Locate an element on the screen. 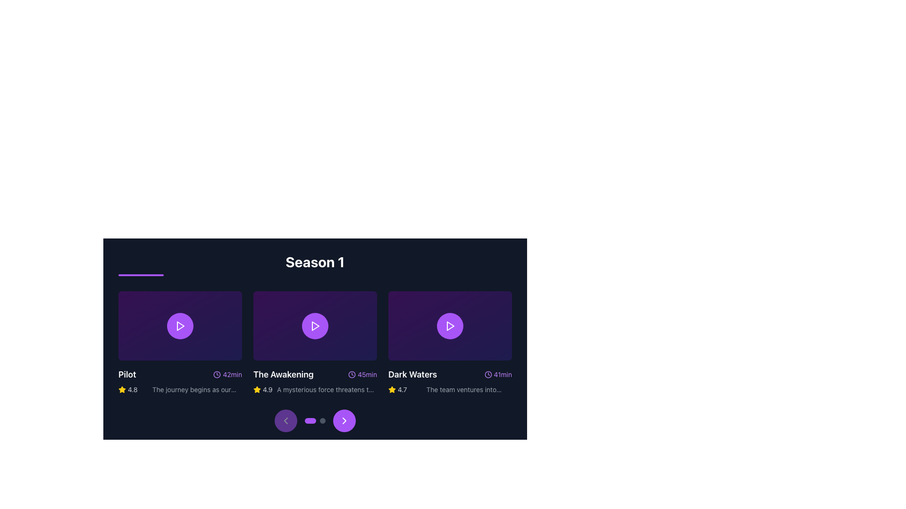 The height and width of the screenshot is (509, 906). textual content section that provides detailed information about the episode 'Dark Waters', including title, runtime, rating, and description is located at coordinates (450, 381).